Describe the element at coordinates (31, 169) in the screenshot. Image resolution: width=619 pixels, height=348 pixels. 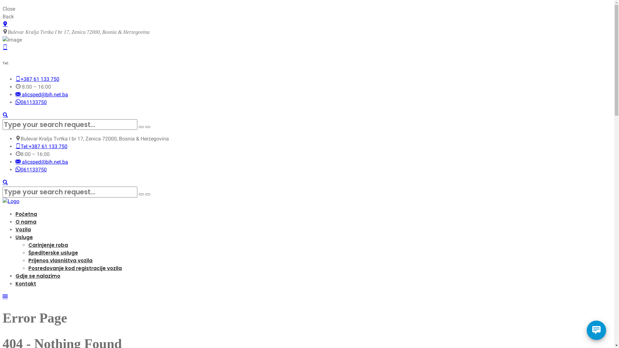
I see `'061133750'` at that location.